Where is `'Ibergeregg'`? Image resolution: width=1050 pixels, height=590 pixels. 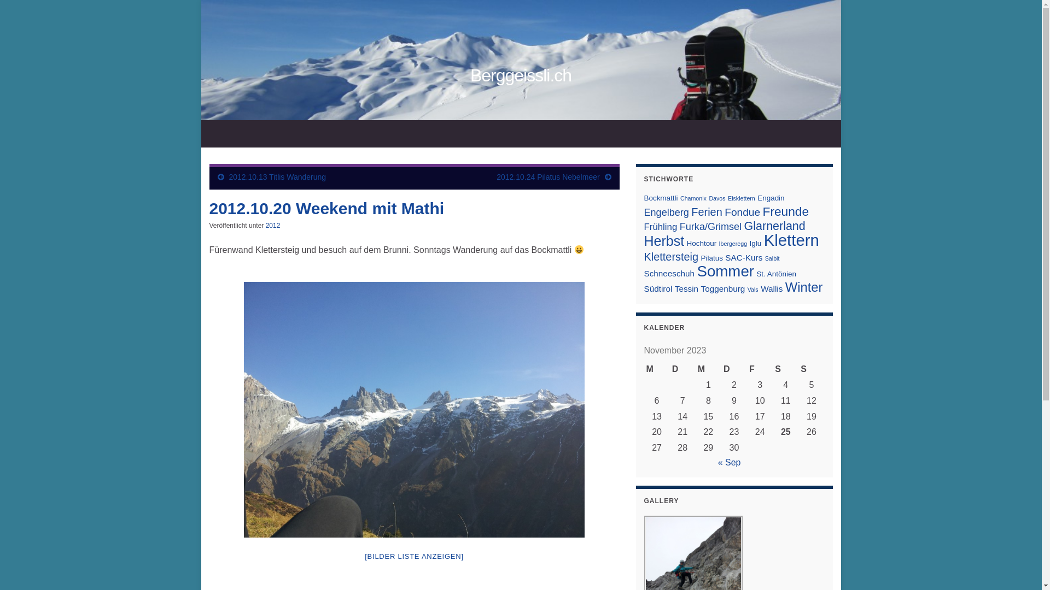
'Ibergeregg' is located at coordinates (733, 243).